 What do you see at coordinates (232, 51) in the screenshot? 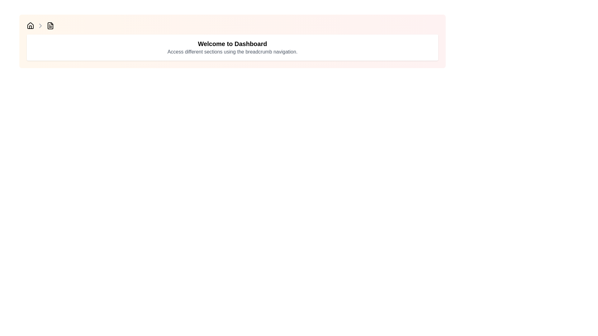
I see `the light gray text stating 'Access different sections using the breadcrumb navigation.' which is positioned directly beneath the 'Welcome to Dashboard' heading` at bounding box center [232, 51].